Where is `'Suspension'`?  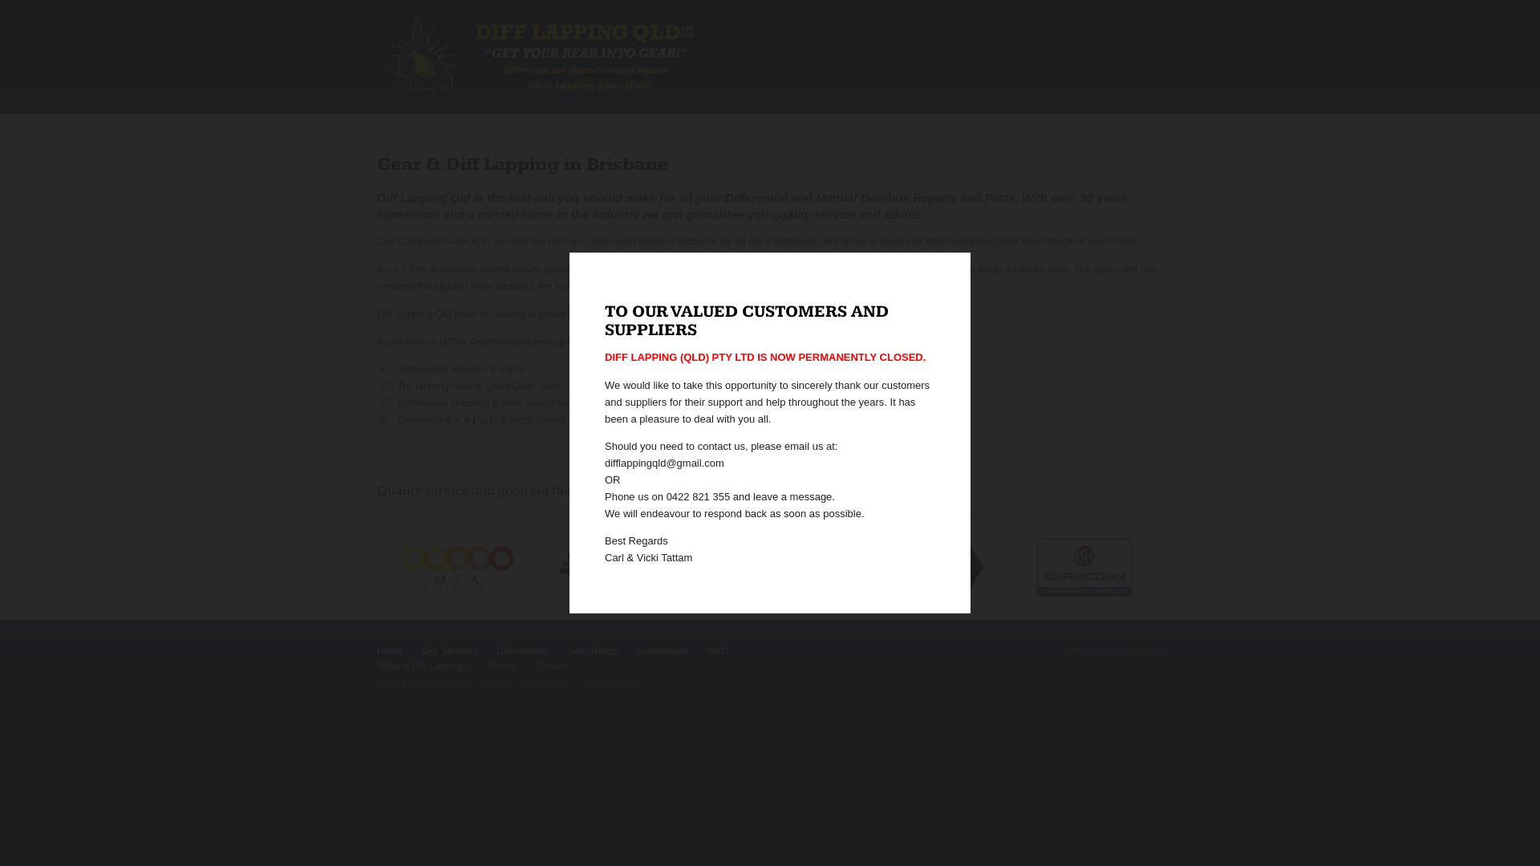
'Suspension' is located at coordinates (663, 651).